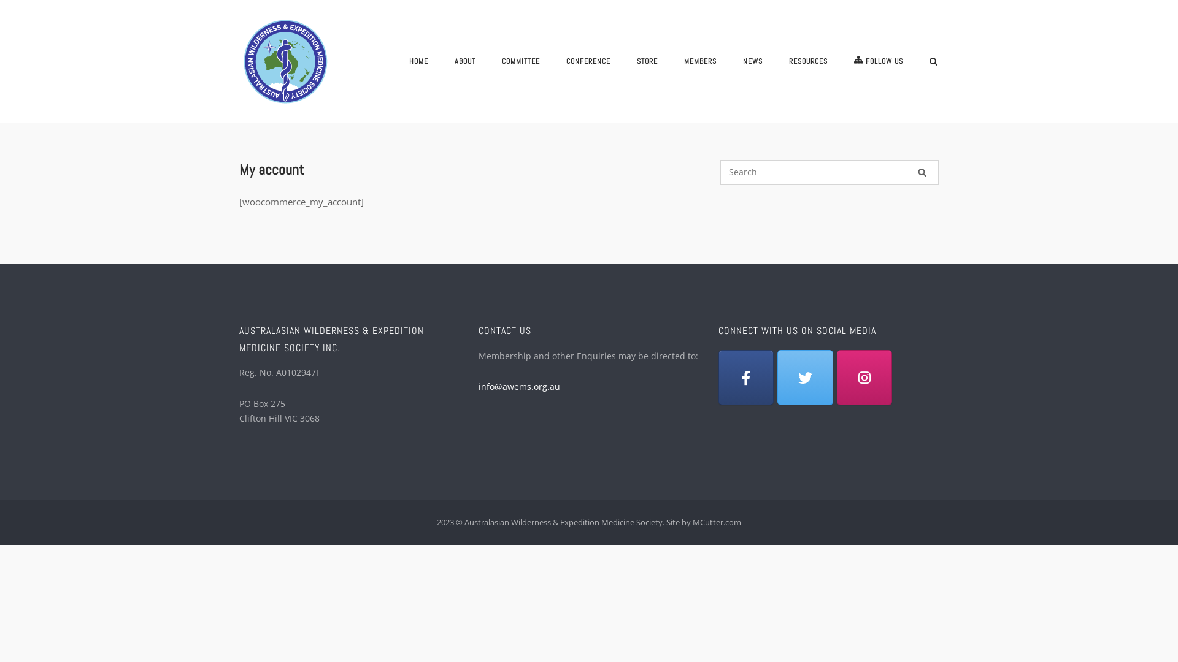 The image size is (1178, 662). I want to click on 'Facebook', so click(745, 377).